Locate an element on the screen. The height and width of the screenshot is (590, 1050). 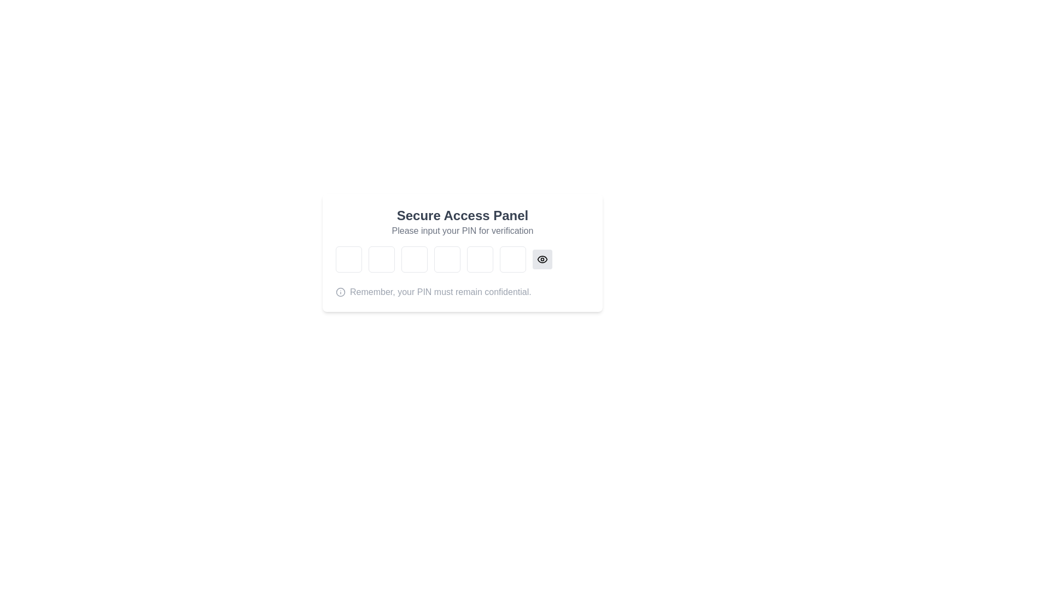
the informational label displaying the message 'Remember, your PIN must remain confidential.' which is accompanied by an info icon on its left is located at coordinates (462, 292).